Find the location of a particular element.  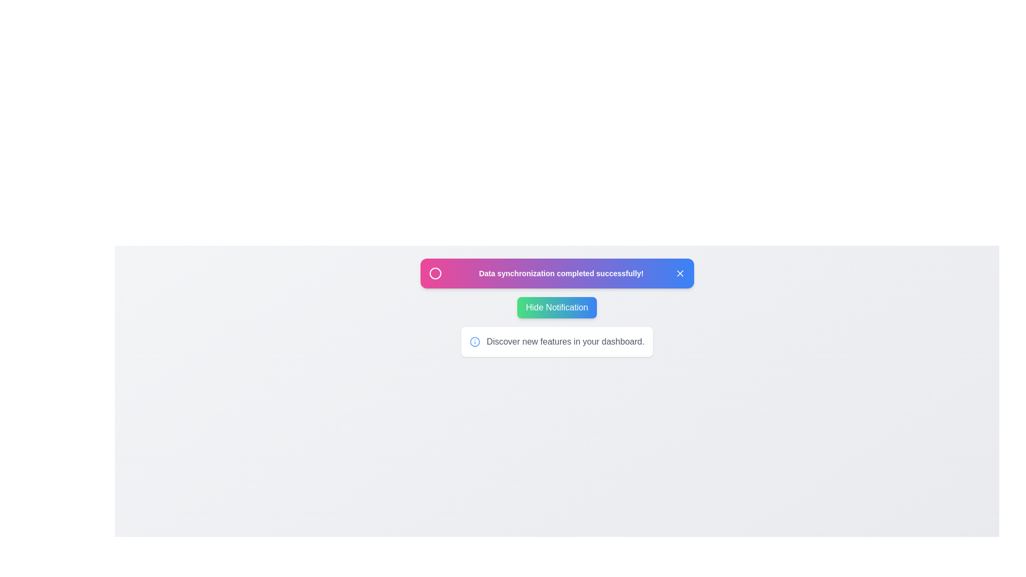

the informational icon to focus on the message is located at coordinates (474, 342).